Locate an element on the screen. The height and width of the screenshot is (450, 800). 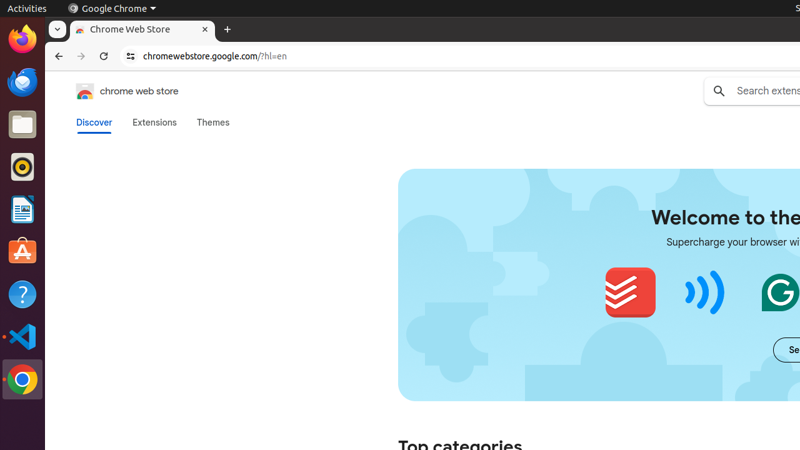
'Todoist for Chrome' is located at coordinates (630, 292).